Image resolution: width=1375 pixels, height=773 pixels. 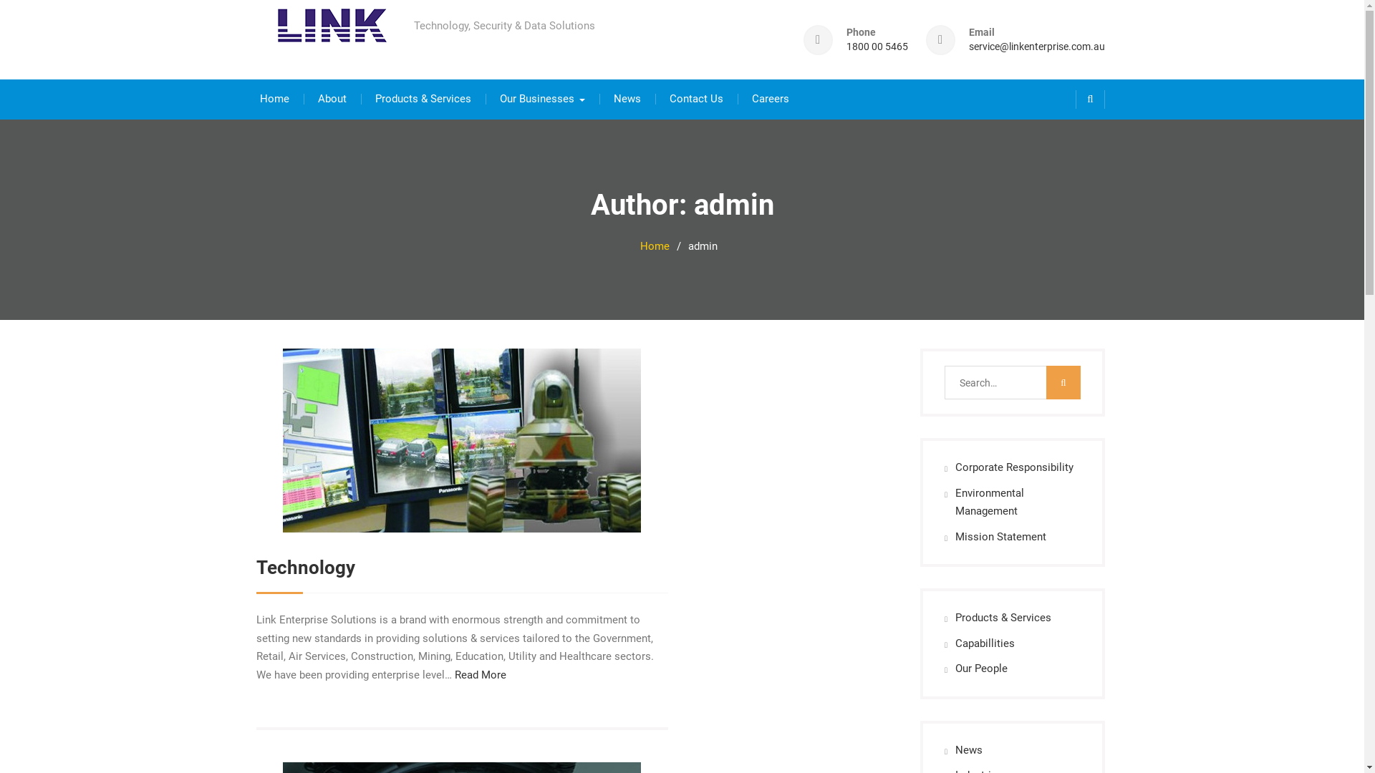 What do you see at coordinates (945, 381) in the screenshot?
I see `'Search for:'` at bounding box center [945, 381].